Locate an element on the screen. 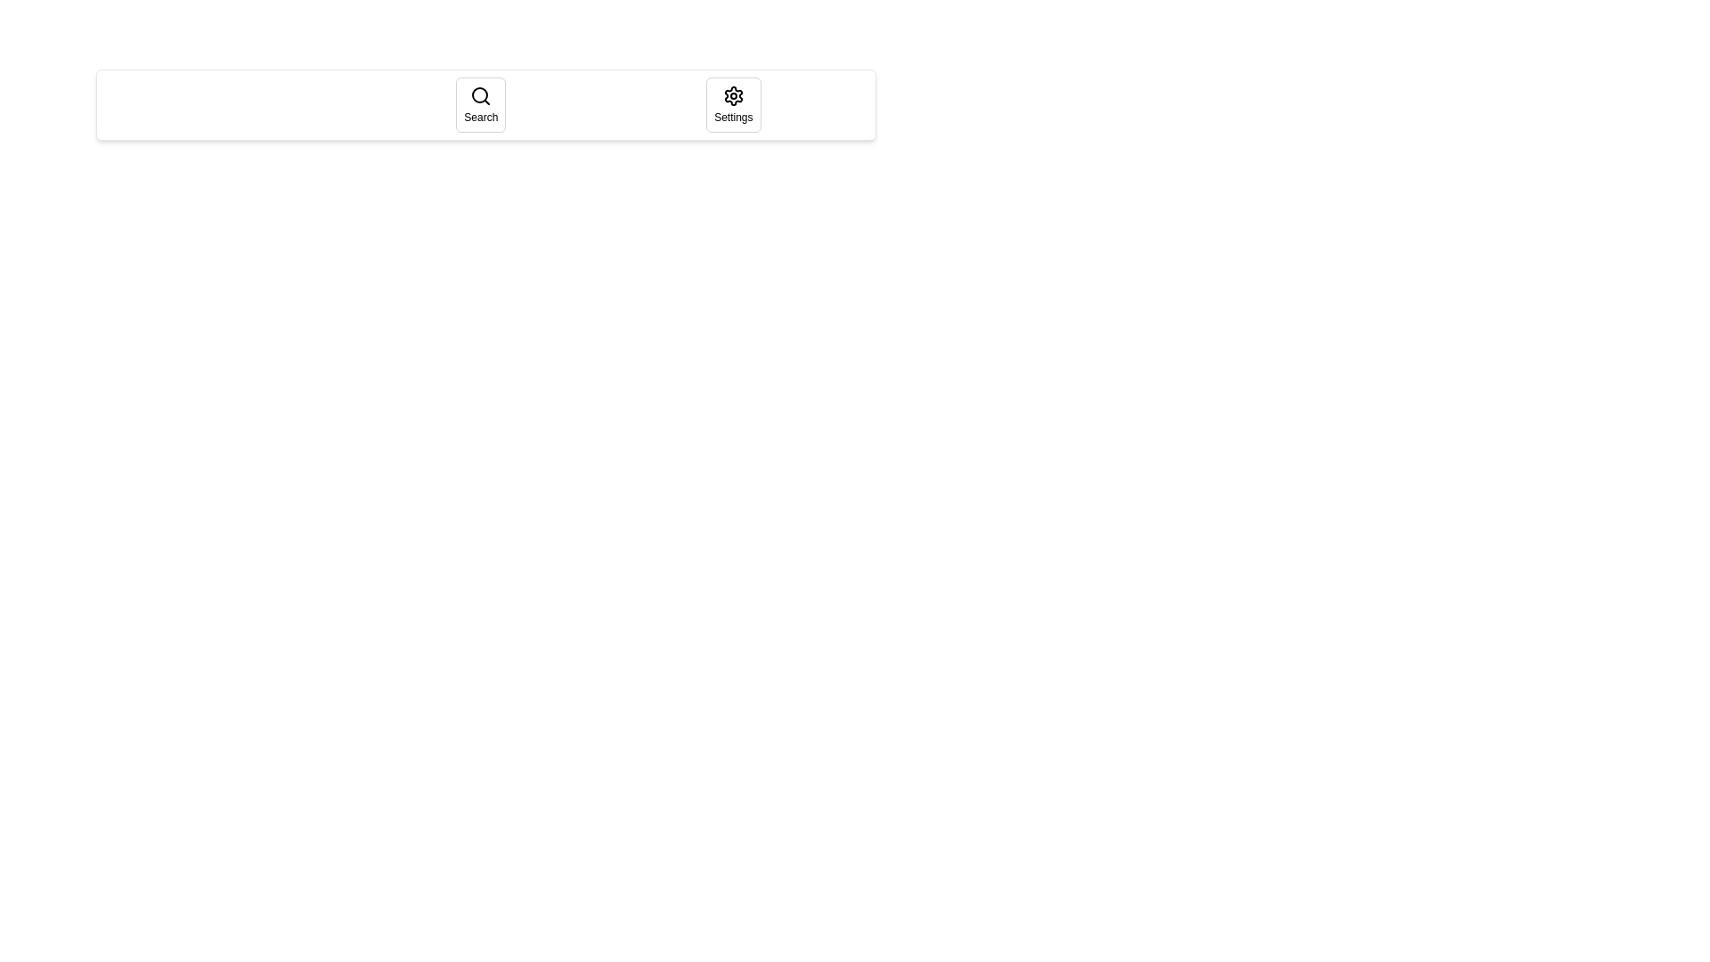  the central navigation button used to access the search feature for keyboard interactions is located at coordinates (486, 105).